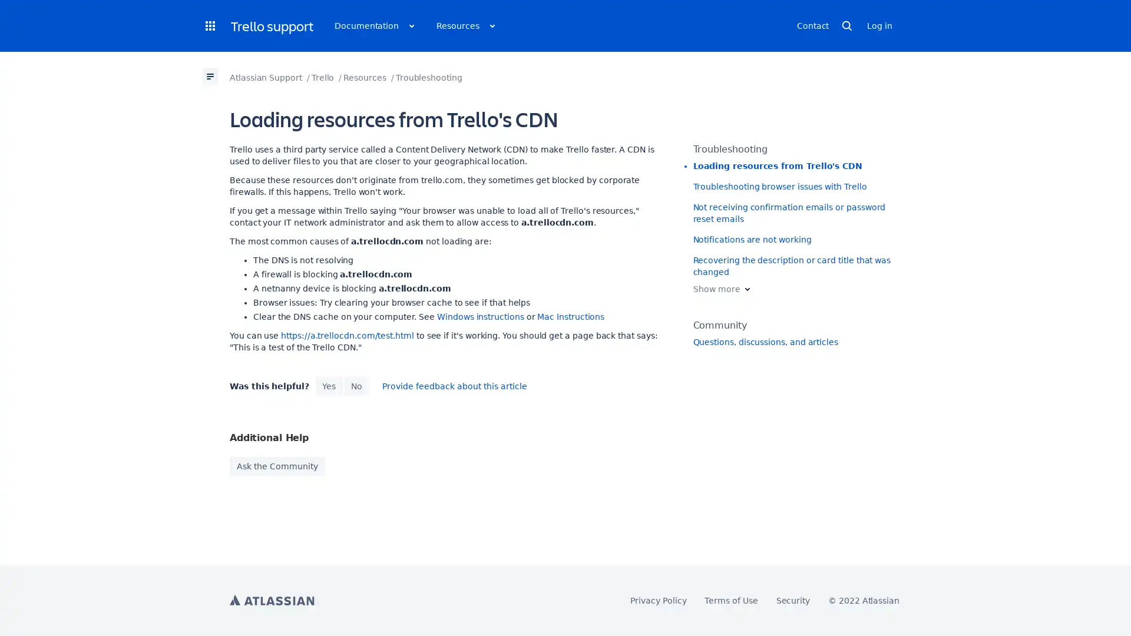 The image size is (1131, 636). Describe the element at coordinates (373, 25) in the screenshot. I see `Open documentation dropdown` at that location.